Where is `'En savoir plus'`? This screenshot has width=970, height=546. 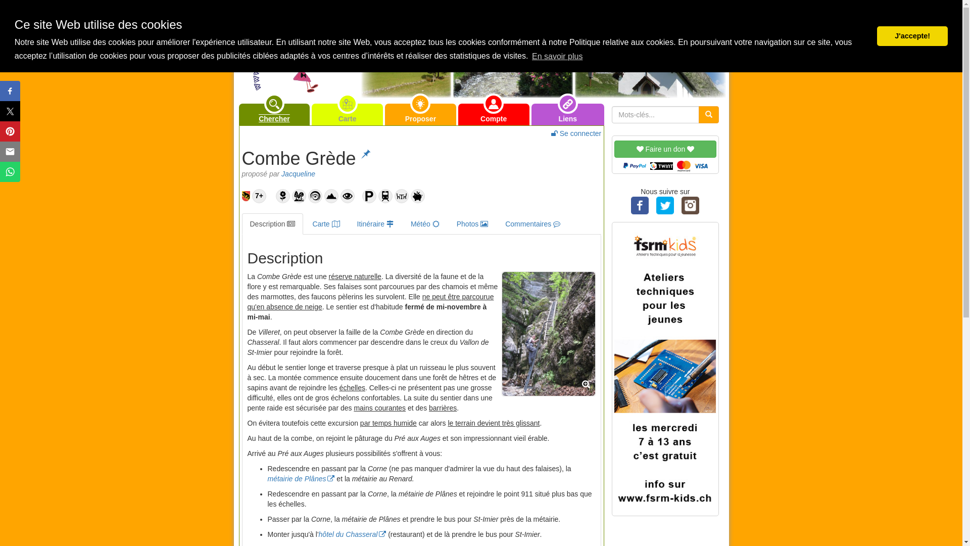
'En savoir plus' is located at coordinates (530, 56).